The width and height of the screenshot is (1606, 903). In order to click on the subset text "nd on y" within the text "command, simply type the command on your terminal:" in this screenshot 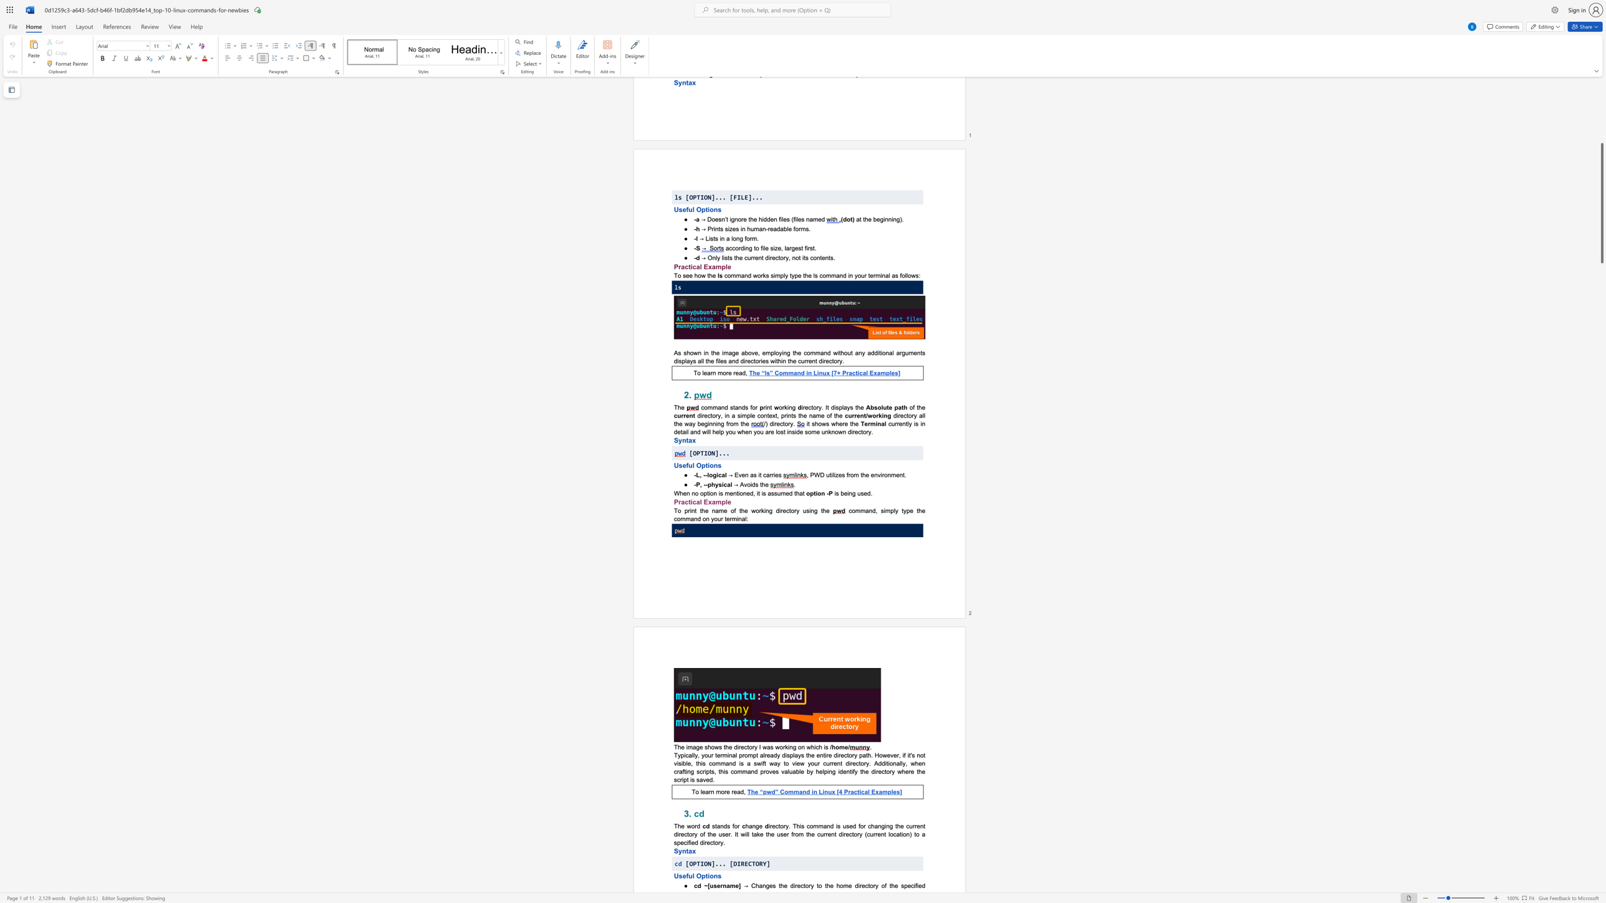, I will do `click(693, 518)`.